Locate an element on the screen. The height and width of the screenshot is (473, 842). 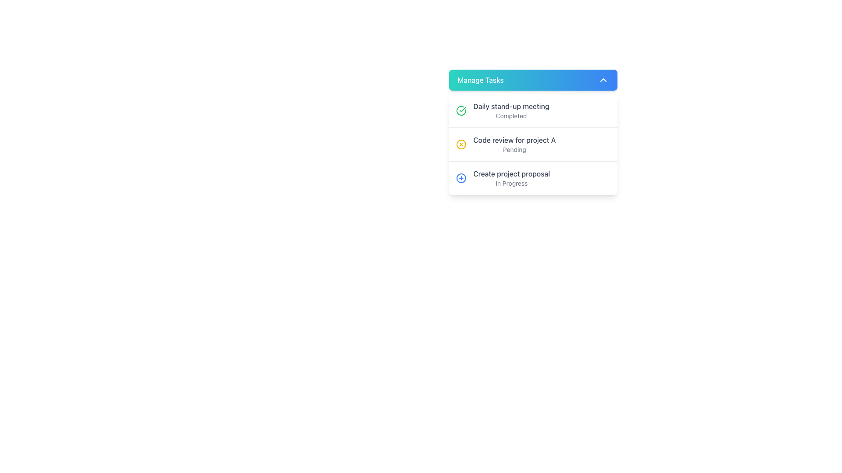
the circular graphical indicator that represents the status of the pending task, located next to the second item in the 'Manage Tasks' list is located at coordinates (460, 144).